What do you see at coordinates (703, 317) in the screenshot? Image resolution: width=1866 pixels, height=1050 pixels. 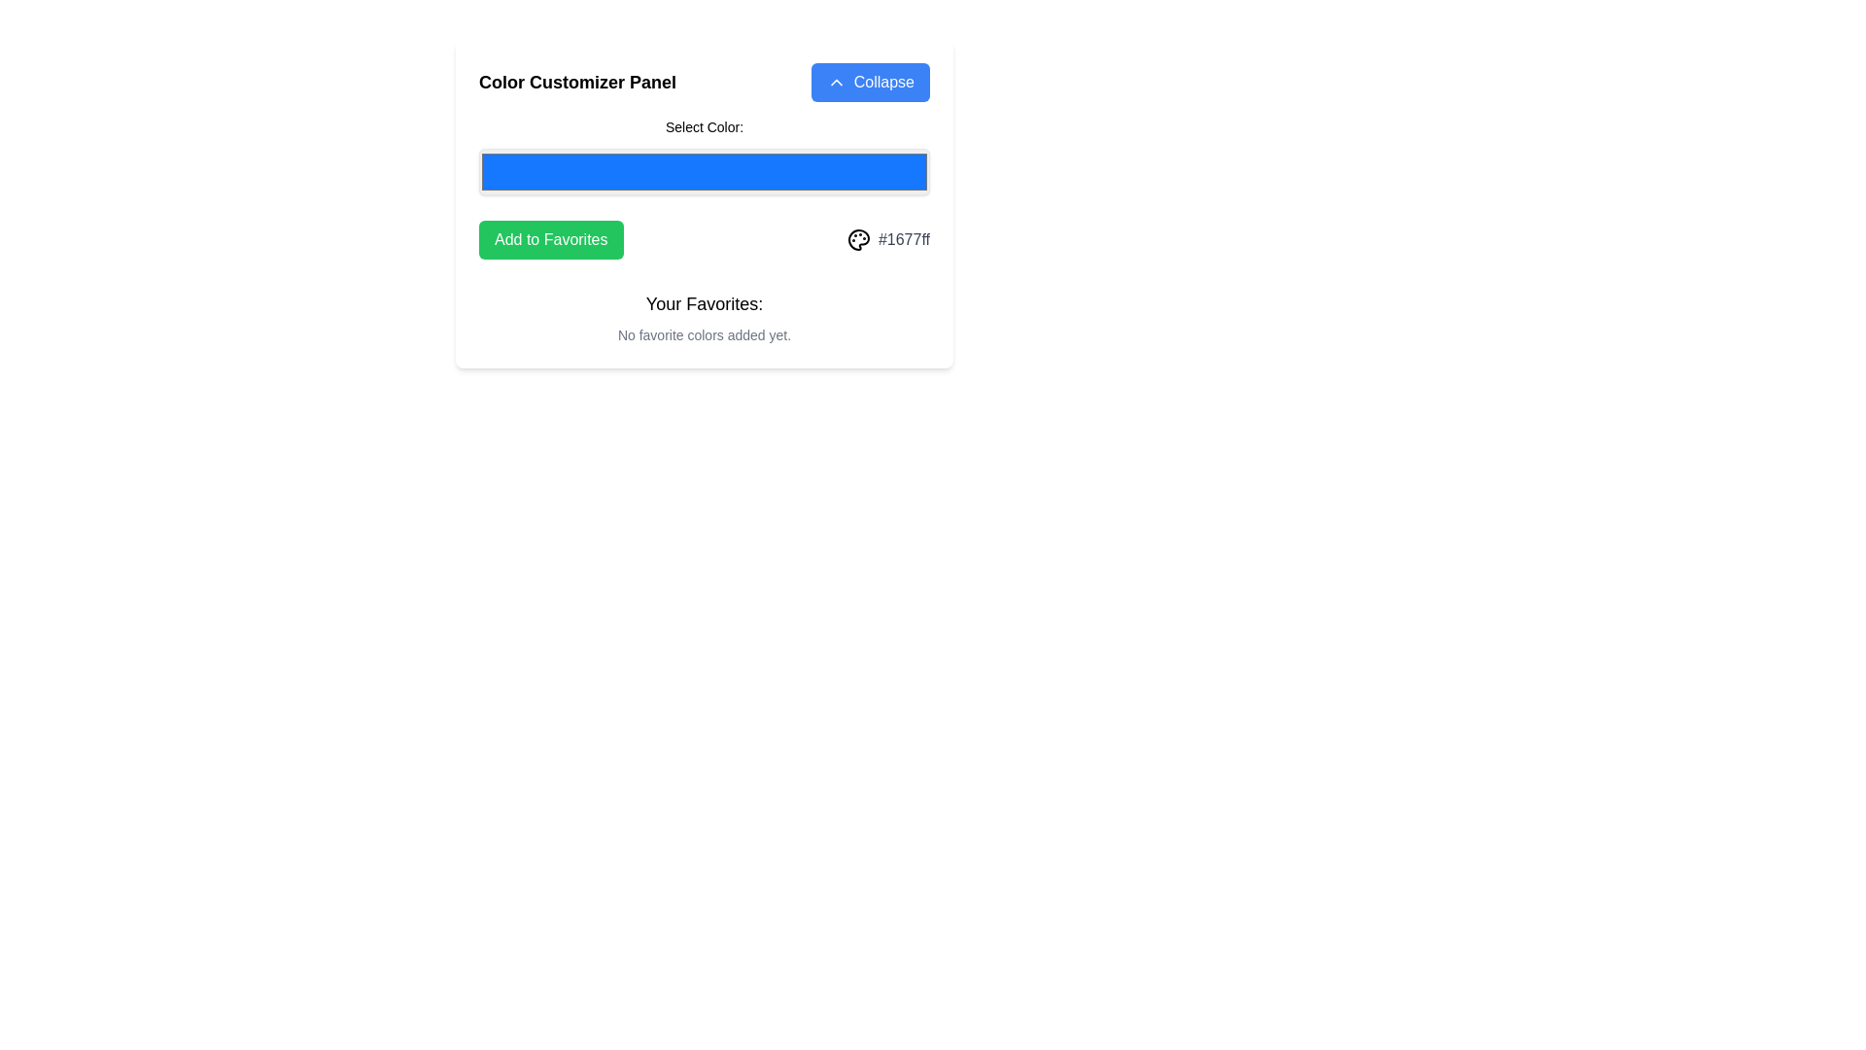 I see `information displayed by the Text Label 'Your Favorites:' and 'No favorite colors added yet.' located in the Color Customizer Panel` at bounding box center [703, 317].